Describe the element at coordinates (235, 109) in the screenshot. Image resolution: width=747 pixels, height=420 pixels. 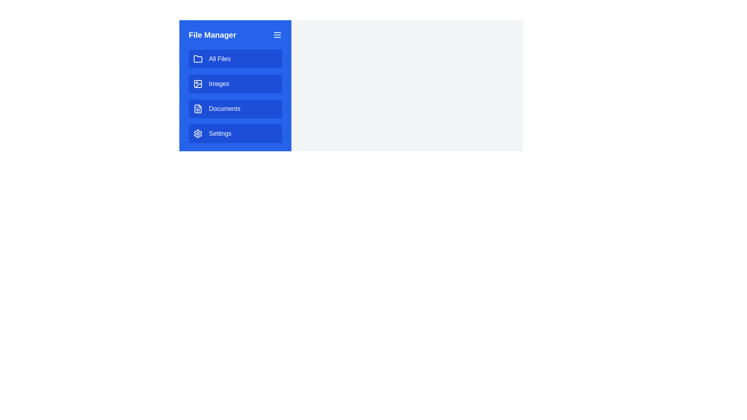
I see `the navigation menu item labeled Documents` at that location.